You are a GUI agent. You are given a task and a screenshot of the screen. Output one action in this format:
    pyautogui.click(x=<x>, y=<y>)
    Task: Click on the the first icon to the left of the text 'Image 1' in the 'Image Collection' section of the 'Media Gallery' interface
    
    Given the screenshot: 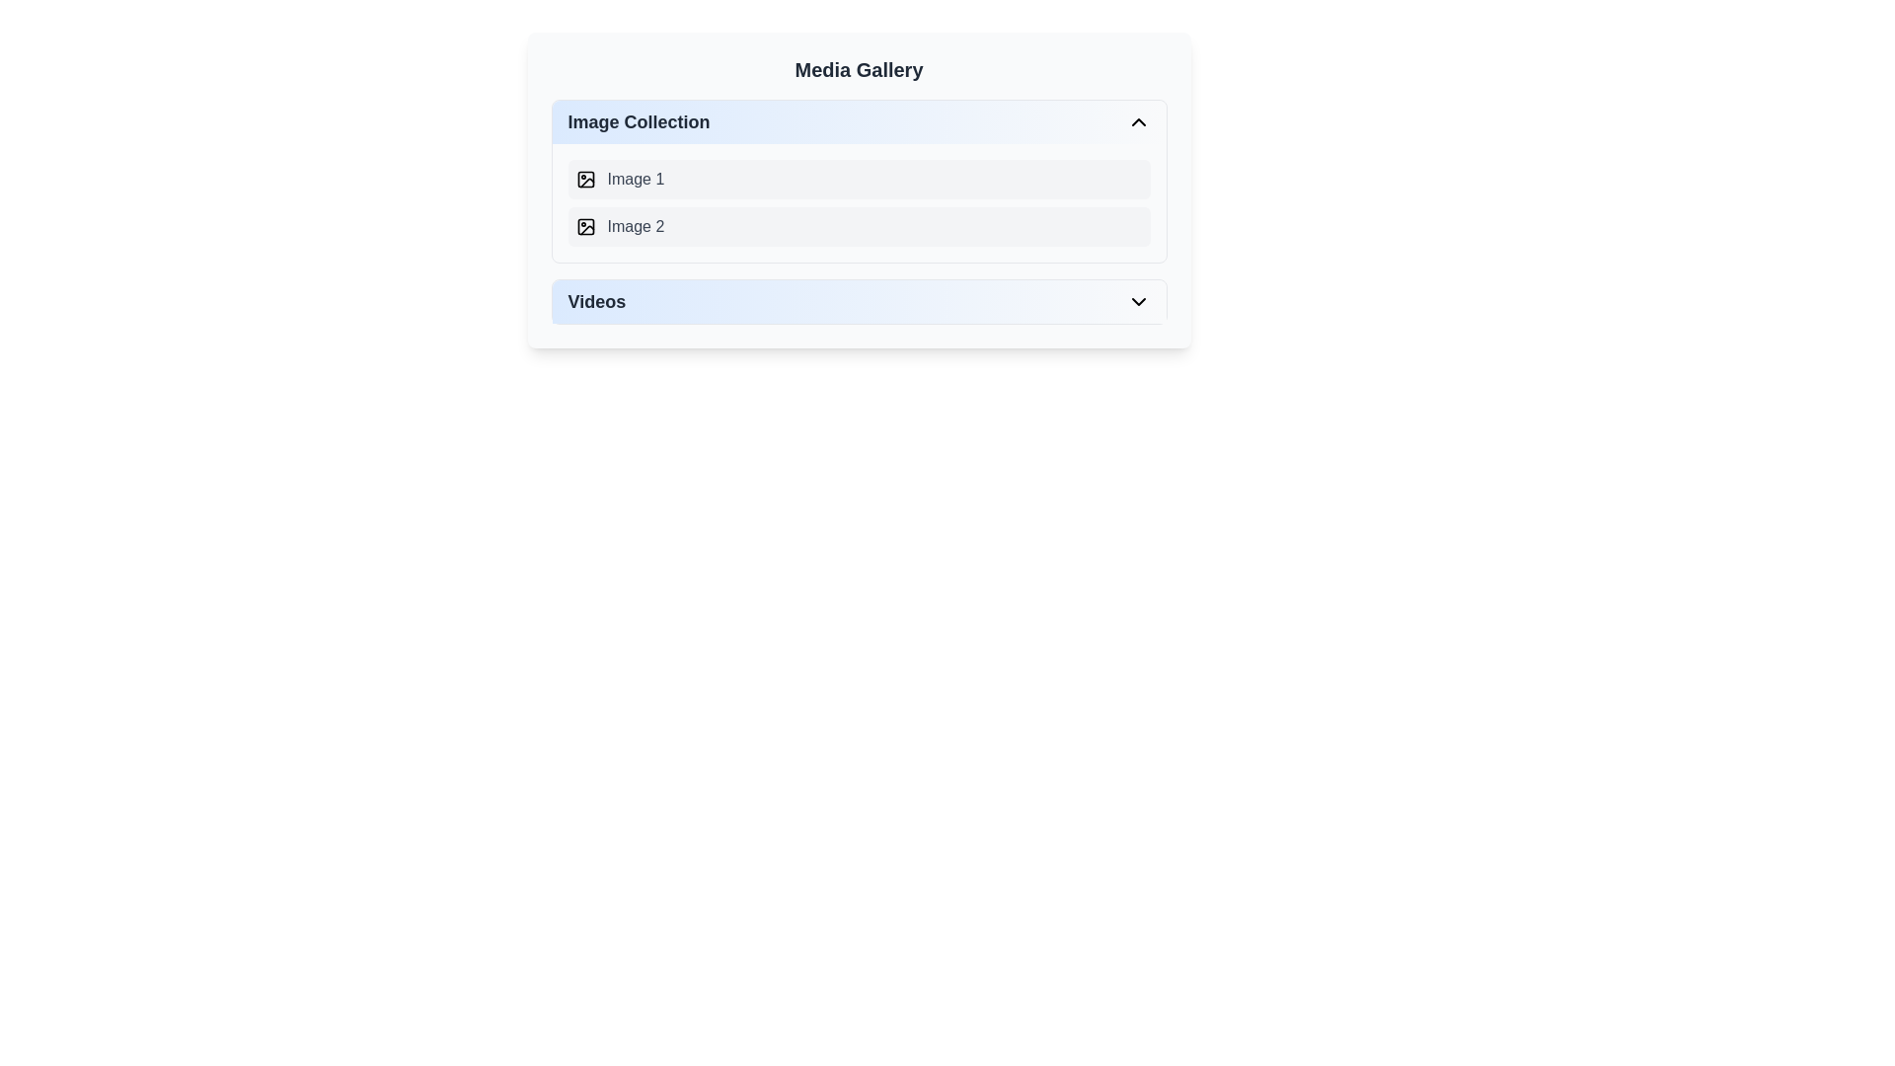 What is the action you would take?
    pyautogui.click(x=584, y=179)
    